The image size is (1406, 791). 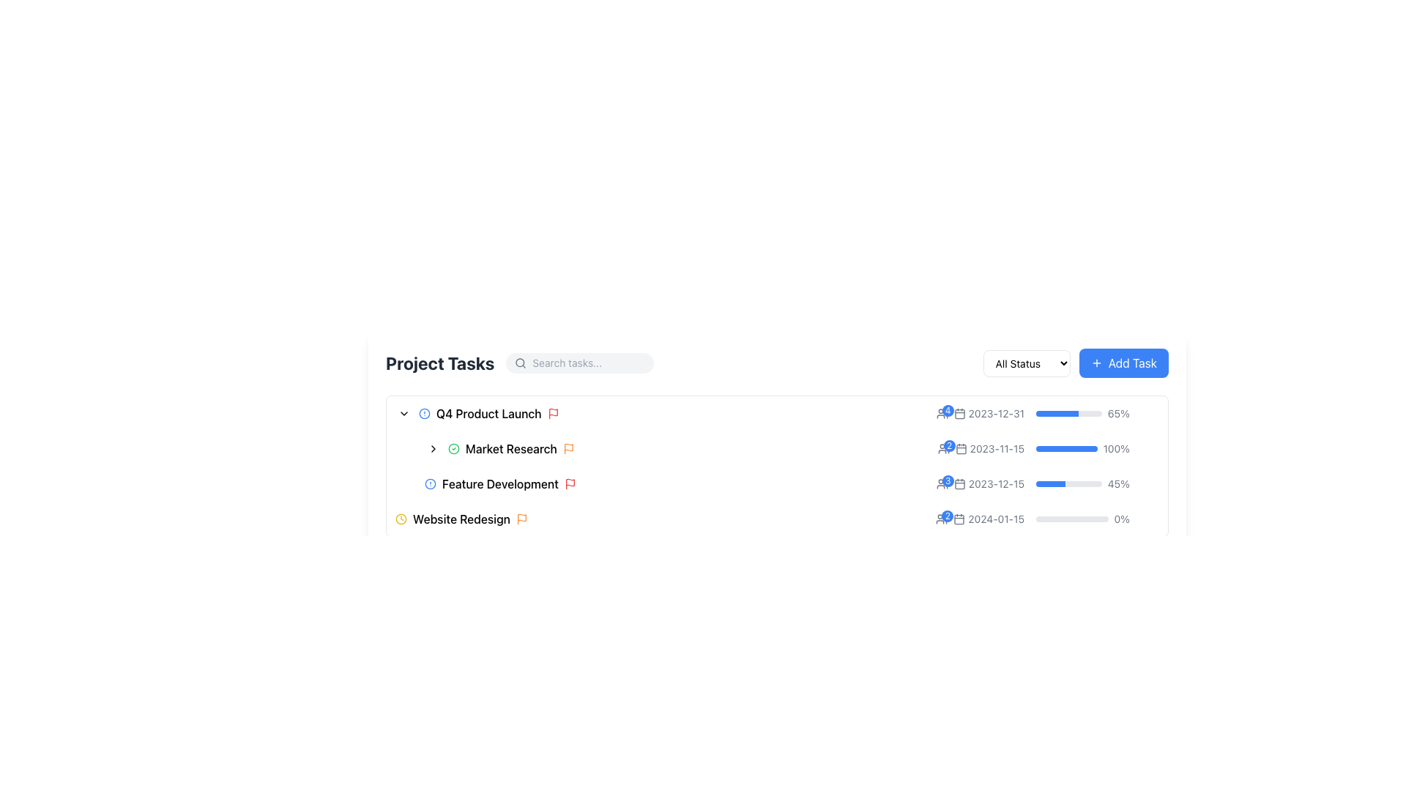 I want to click on the circular element with a yellow outline representing the outer ring of a clock icon in the 'Website Redesign' task row, located in the 'Project Tasks' table section, rightmost column, so click(x=401, y=519).